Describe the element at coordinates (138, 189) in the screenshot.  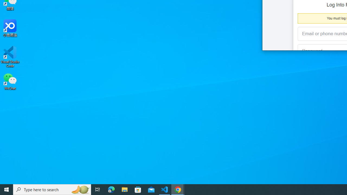
I see `'Microsoft Store'` at that location.